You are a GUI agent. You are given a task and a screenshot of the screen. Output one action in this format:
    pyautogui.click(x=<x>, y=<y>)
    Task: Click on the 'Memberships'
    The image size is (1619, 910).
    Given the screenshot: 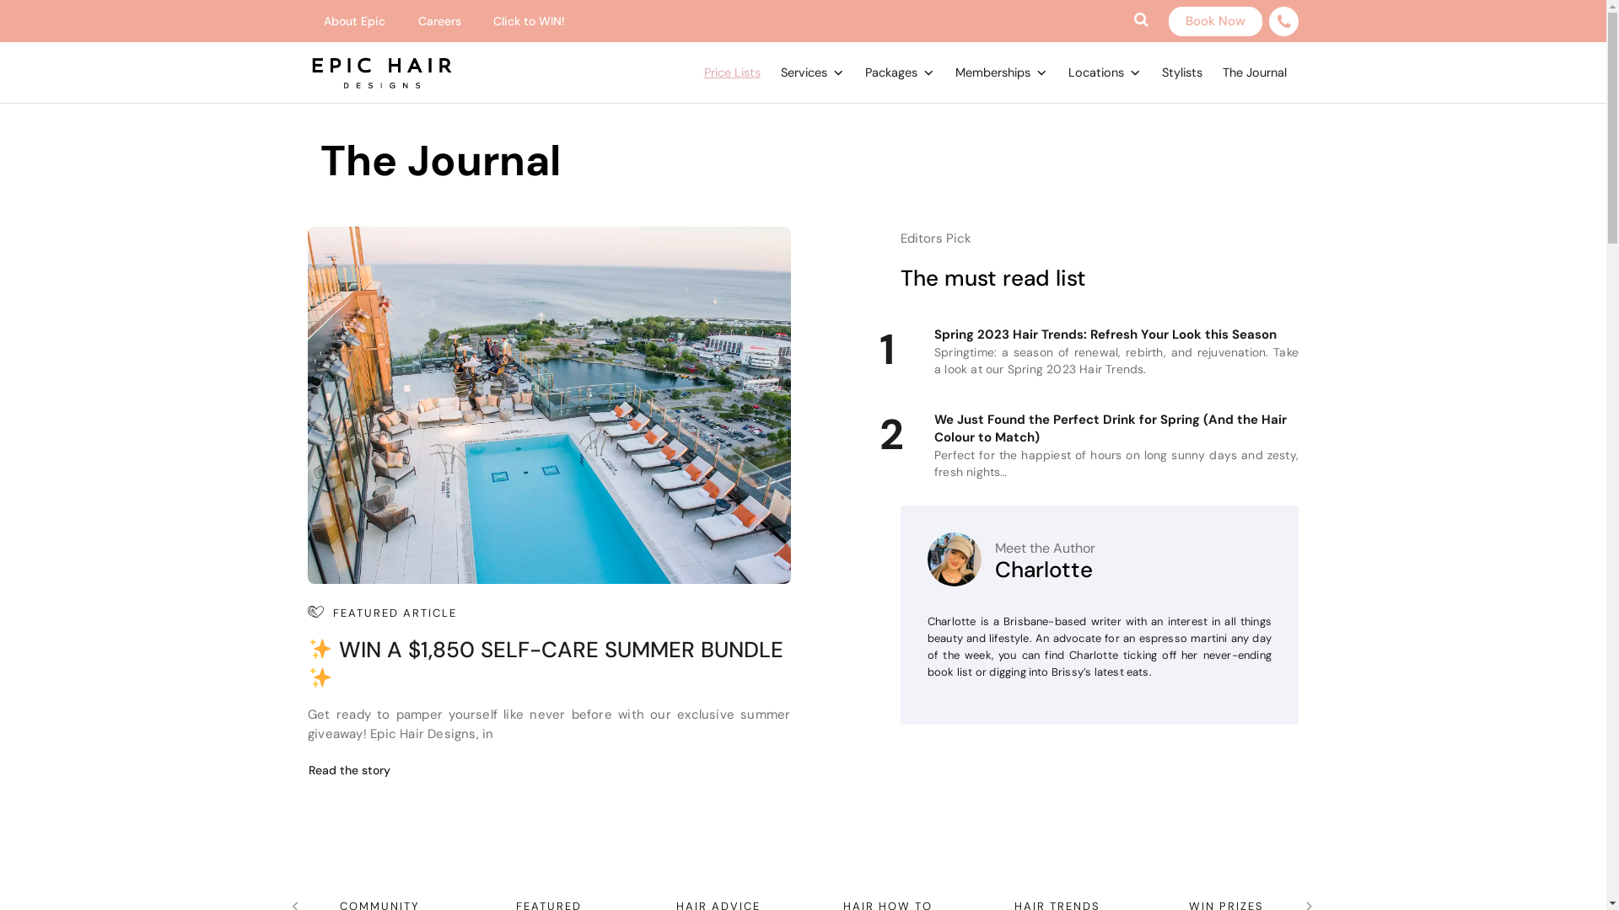 What is the action you would take?
    pyautogui.click(x=943, y=72)
    